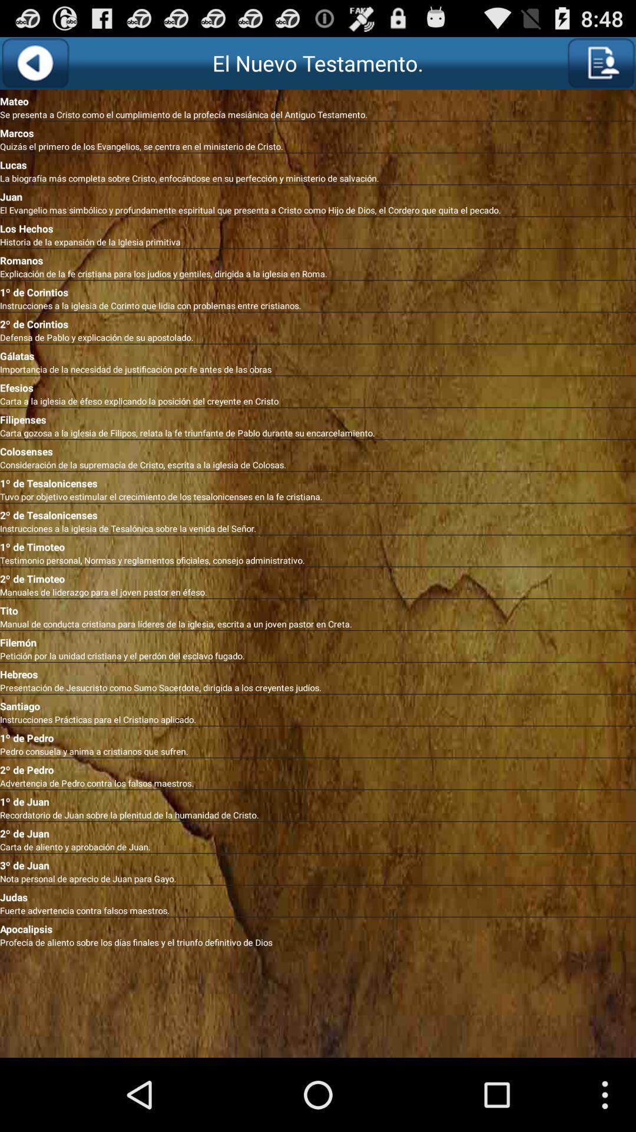  I want to click on lucas, so click(318, 162).